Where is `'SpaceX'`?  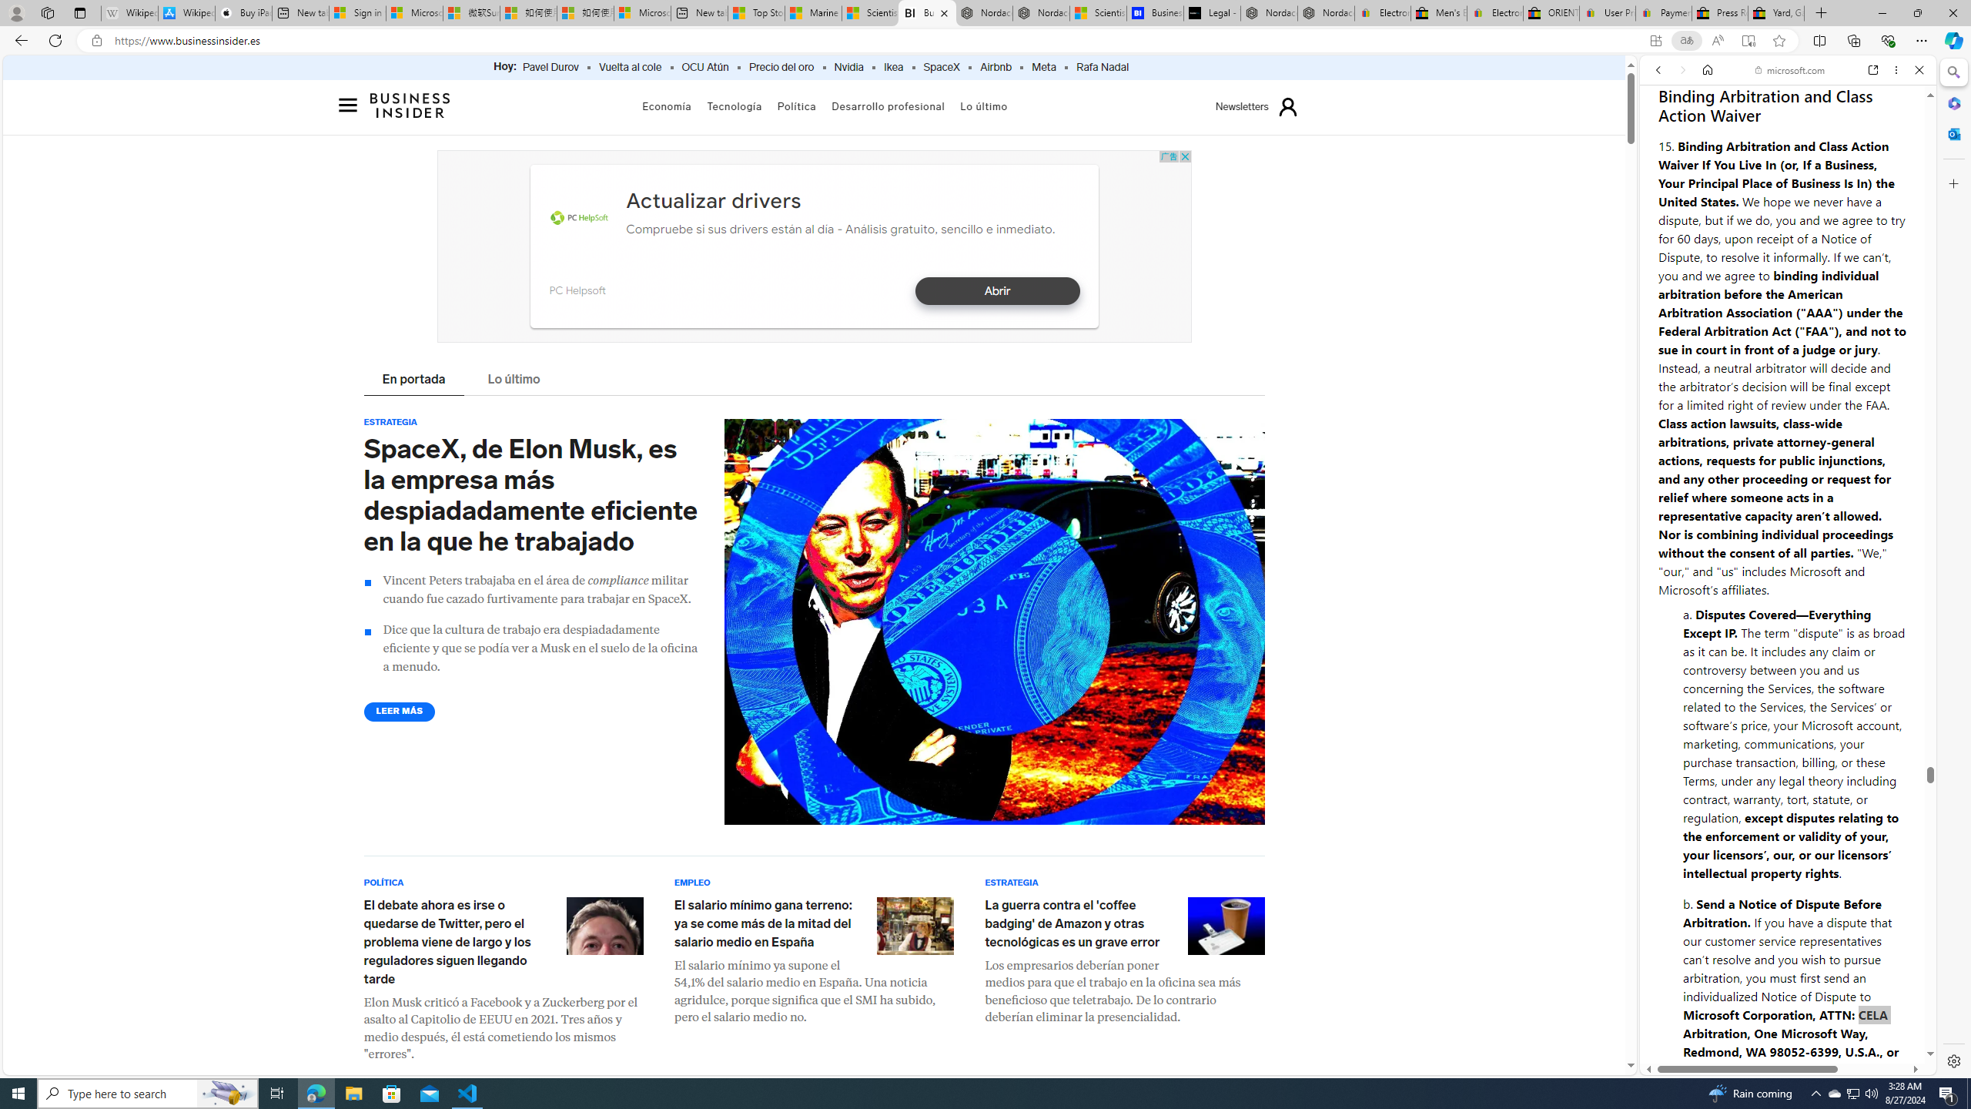
'SpaceX' is located at coordinates (941, 67).